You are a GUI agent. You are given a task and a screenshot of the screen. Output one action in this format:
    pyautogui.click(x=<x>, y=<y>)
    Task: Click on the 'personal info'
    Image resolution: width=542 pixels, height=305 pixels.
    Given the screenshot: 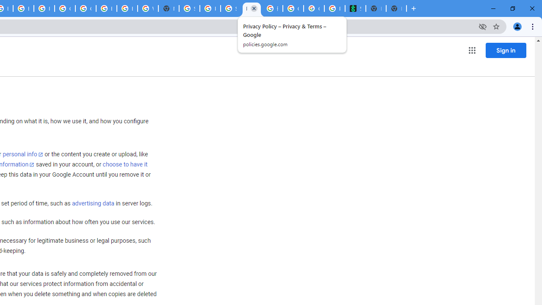 What is the action you would take?
    pyautogui.click(x=23, y=154)
    